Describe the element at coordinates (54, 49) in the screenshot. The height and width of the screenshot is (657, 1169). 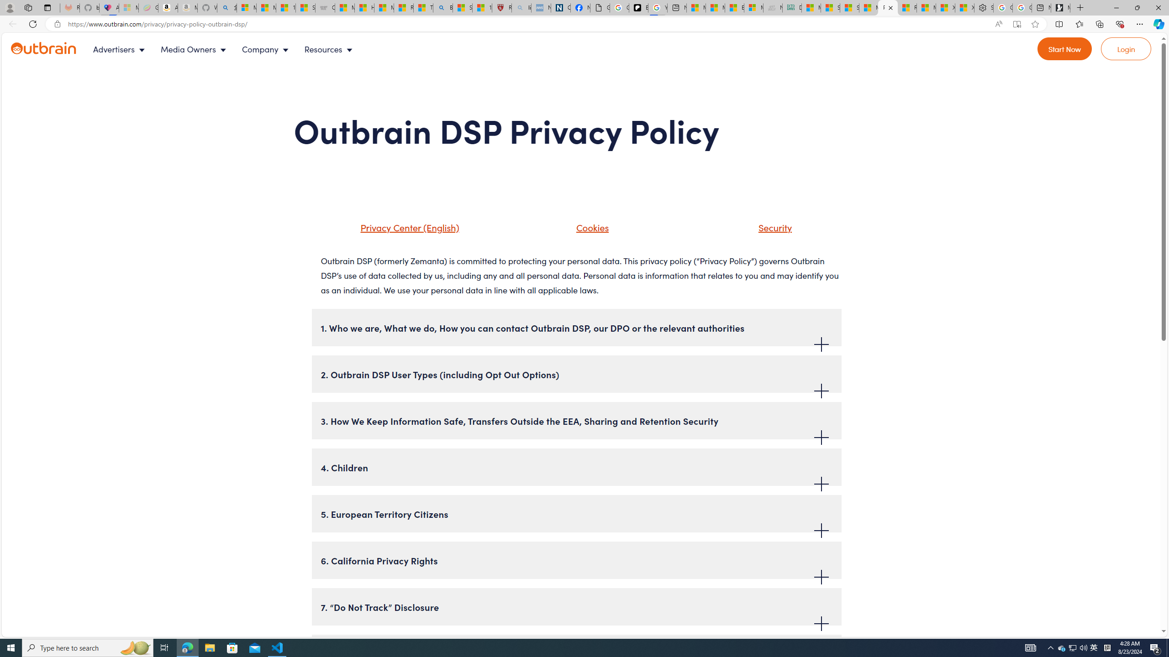
I see `'Outbrain logo - link to homepage'` at that location.